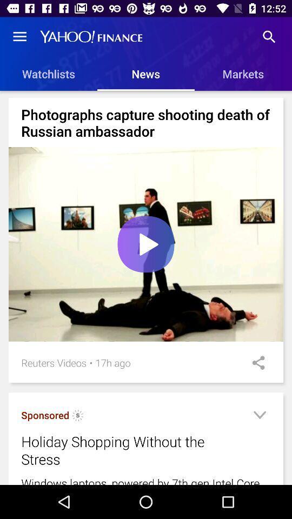 Image resolution: width=292 pixels, height=519 pixels. Describe the element at coordinates (44, 415) in the screenshot. I see `item above holiday shopping without item` at that location.